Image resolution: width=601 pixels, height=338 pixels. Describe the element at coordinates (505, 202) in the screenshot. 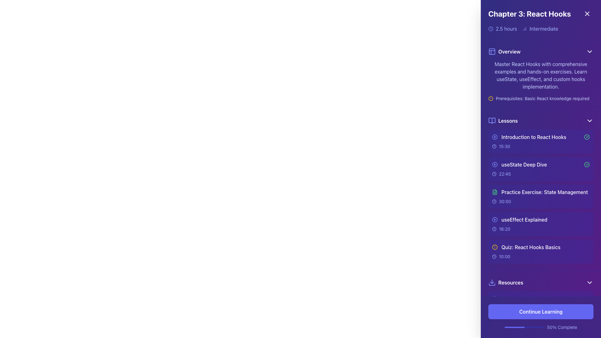

I see `text label displaying '30:00' in light indigo color on a deep purple background, located in the fourth row of the 'Lessons' section next to the clock icon` at that location.